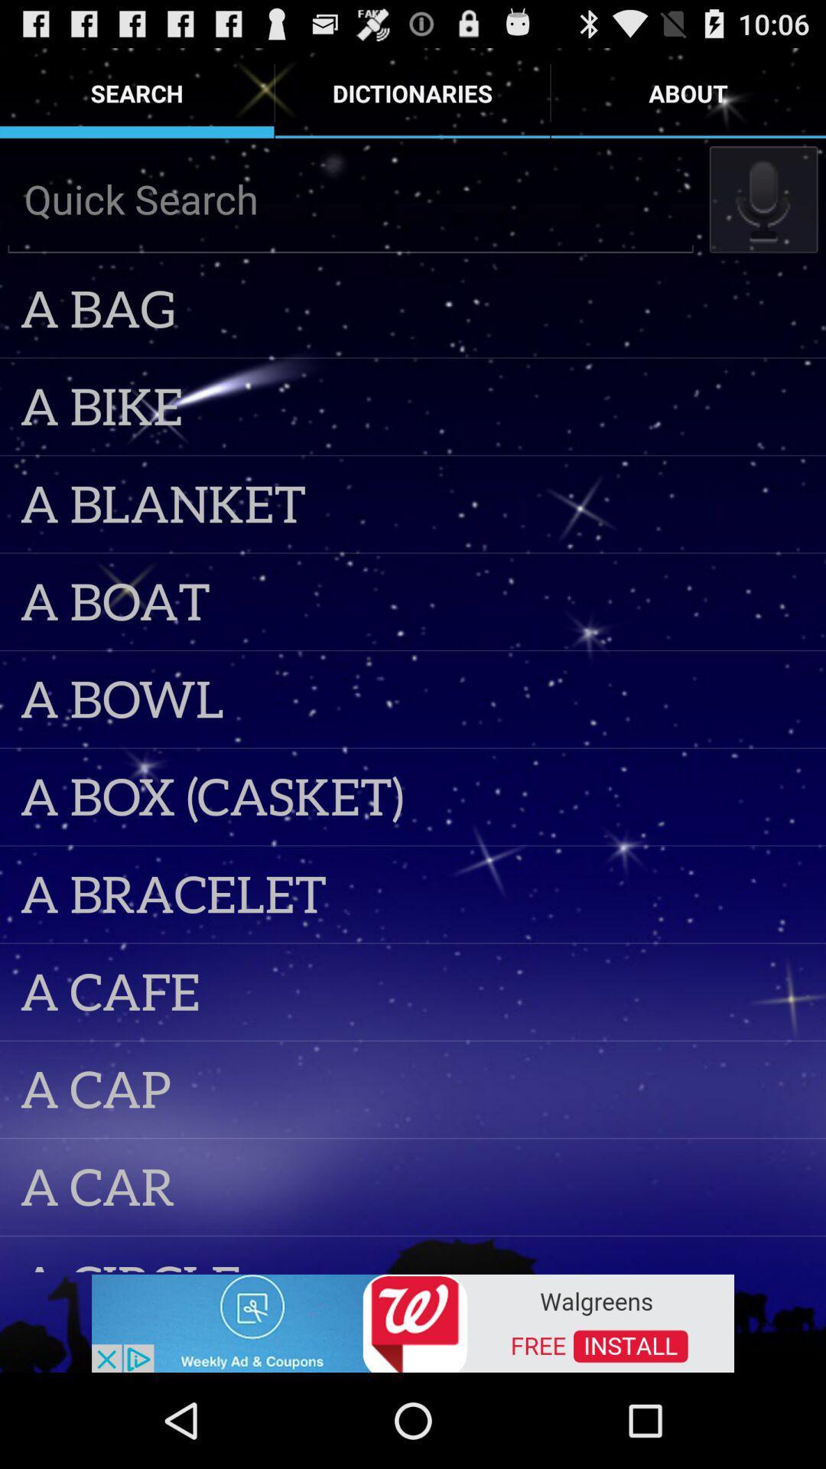 The image size is (826, 1469). What do you see at coordinates (763, 213) in the screenshot?
I see `the microphone icon` at bounding box center [763, 213].